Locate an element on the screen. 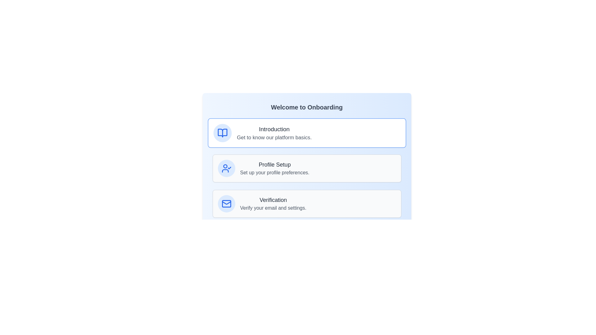  the blue envelope icon outlined in white, which is located to the left of the text label 'Verification' in the third row of onboarding steps is located at coordinates (226, 203).